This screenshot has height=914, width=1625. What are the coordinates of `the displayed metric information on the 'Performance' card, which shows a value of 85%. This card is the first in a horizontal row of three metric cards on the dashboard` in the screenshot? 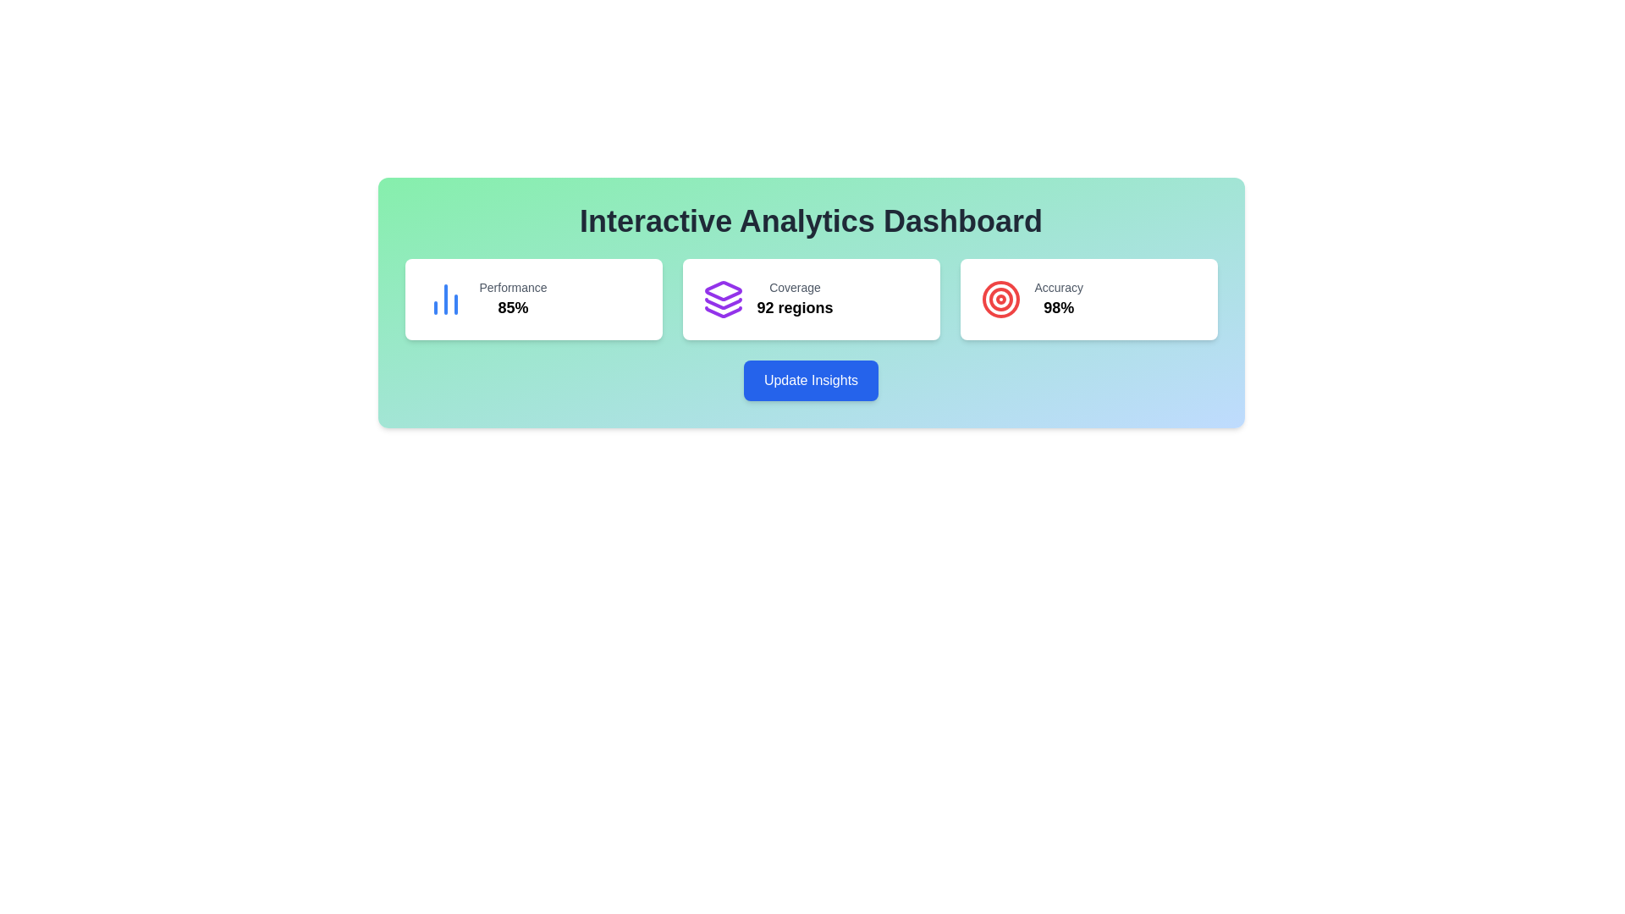 It's located at (532, 299).